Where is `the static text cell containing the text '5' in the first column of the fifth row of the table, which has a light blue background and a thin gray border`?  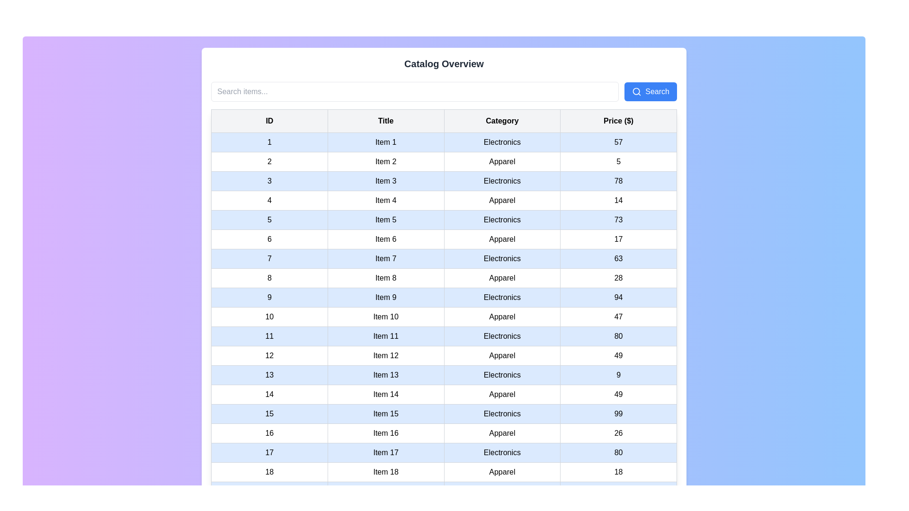 the static text cell containing the text '5' in the first column of the fifth row of the table, which has a light blue background and a thin gray border is located at coordinates (269, 220).